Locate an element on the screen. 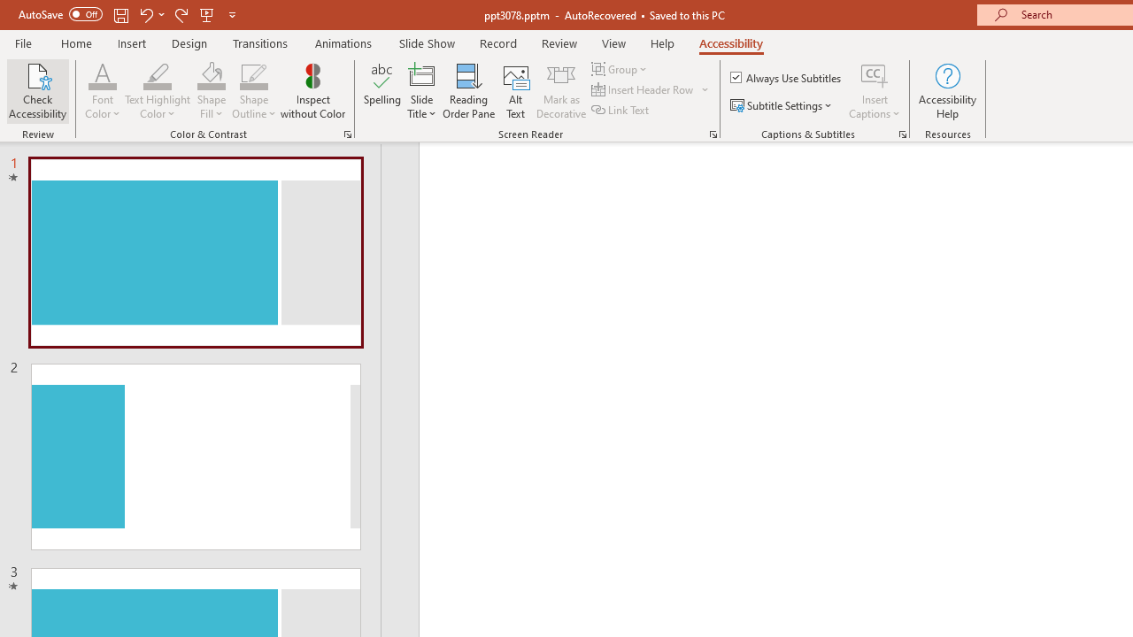 The height and width of the screenshot is (637, 1133). 'Subtitle Settings' is located at coordinates (782, 105).